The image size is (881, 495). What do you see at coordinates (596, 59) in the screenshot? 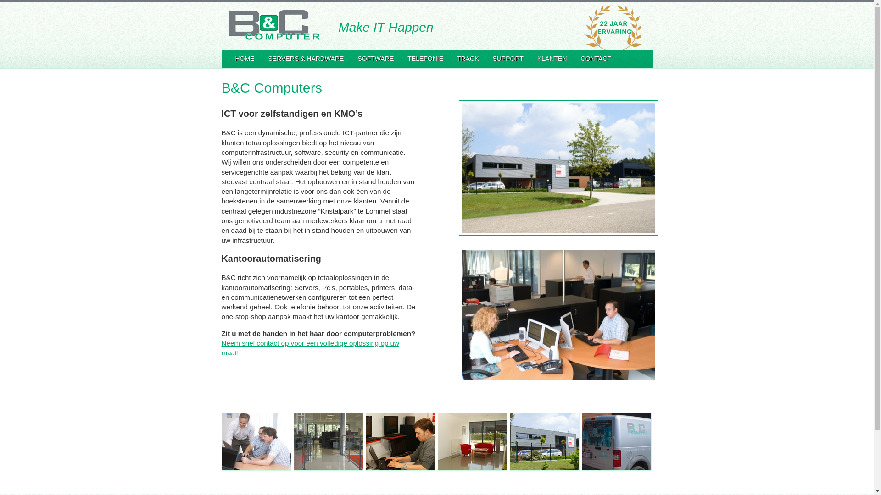
I see `'CONTACT'` at bounding box center [596, 59].